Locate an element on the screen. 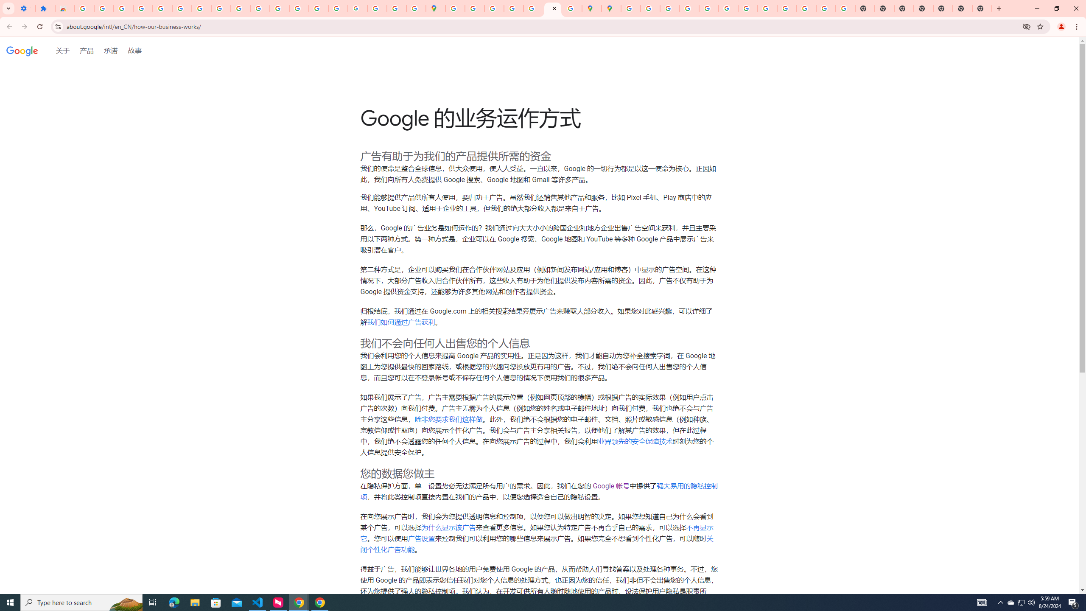 Image resolution: width=1086 pixels, height=611 pixels. 'Reviews: Helix Fruit Jump Arcade Game' is located at coordinates (64, 8).